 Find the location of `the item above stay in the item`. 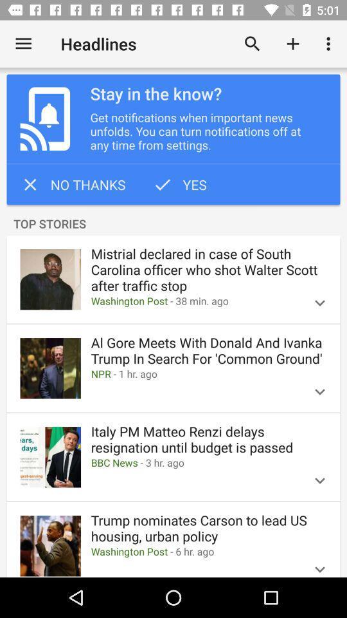

the item above stay in the item is located at coordinates (292, 44).